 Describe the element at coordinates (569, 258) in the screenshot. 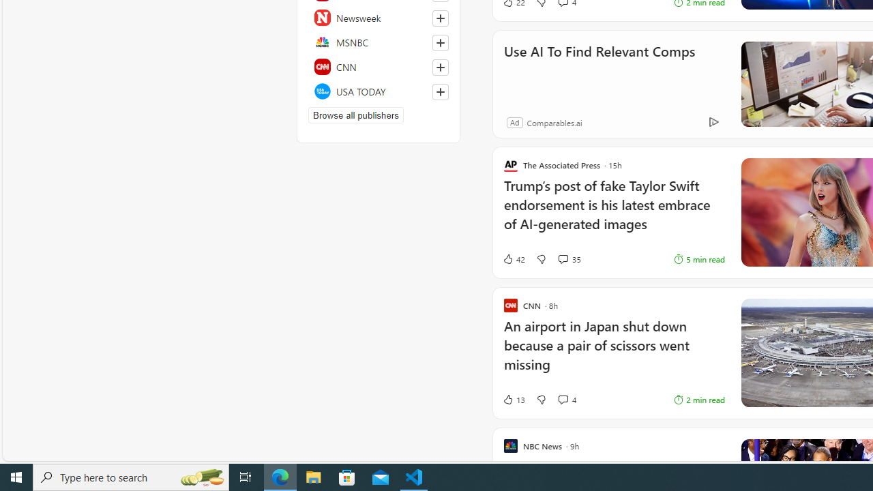

I see `'View comments 35 Comment'` at that location.